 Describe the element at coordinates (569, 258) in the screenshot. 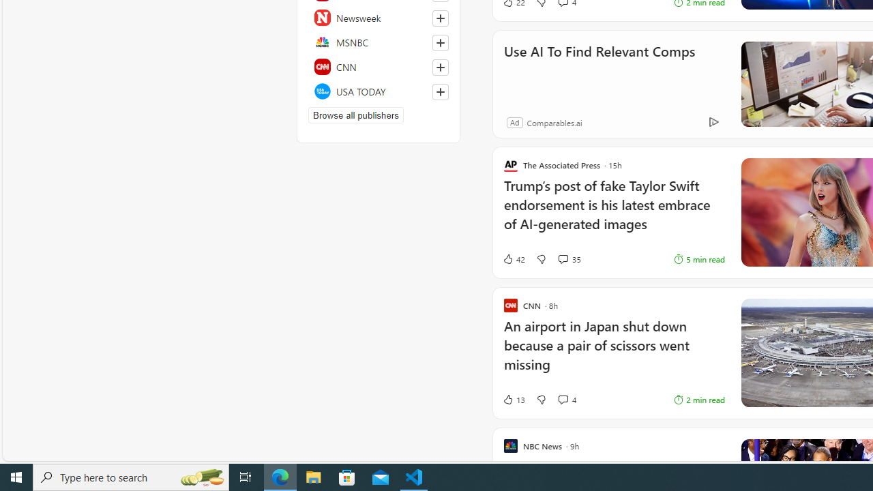

I see `'View comments 35 Comment'` at that location.